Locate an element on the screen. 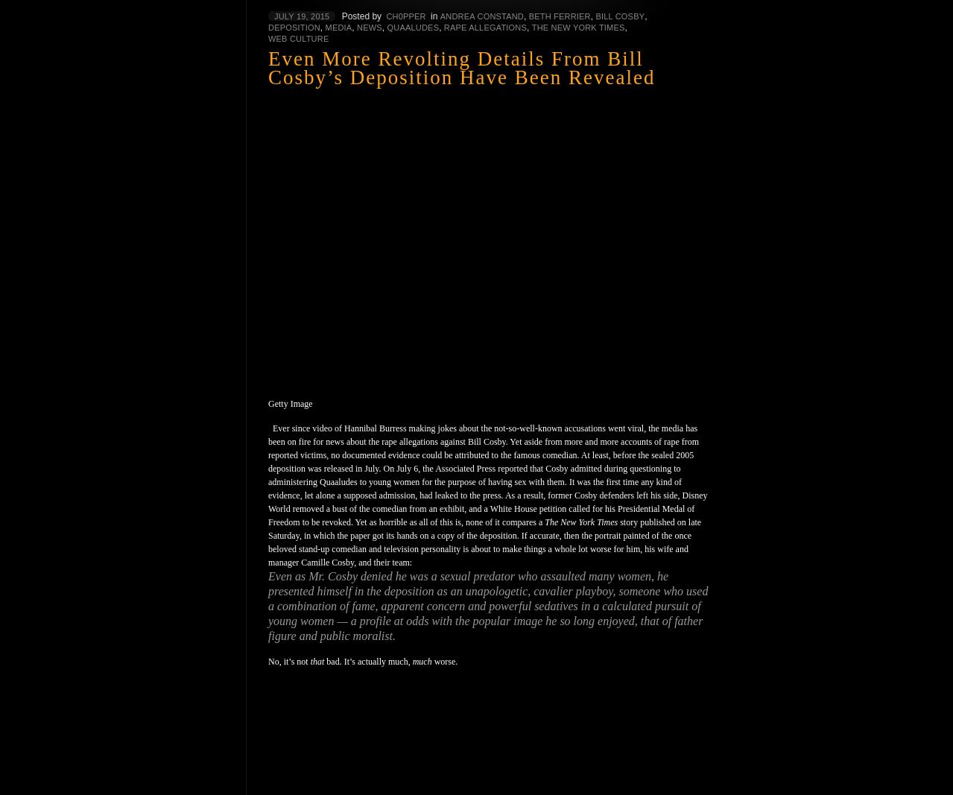 The width and height of the screenshot is (953, 795). 'Even More Revolting Details From Bill Cosby’s Deposition Have Been Revealed' is located at coordinates (461, 67).